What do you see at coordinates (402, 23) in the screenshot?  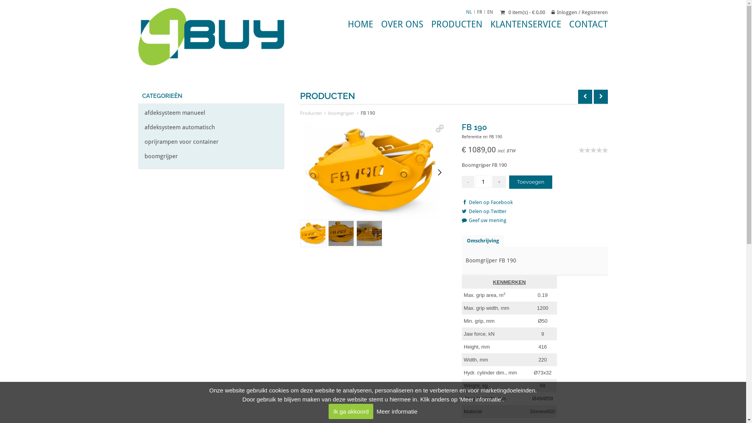 I see `'OVER ONS'` at bounding box center [402, 23].